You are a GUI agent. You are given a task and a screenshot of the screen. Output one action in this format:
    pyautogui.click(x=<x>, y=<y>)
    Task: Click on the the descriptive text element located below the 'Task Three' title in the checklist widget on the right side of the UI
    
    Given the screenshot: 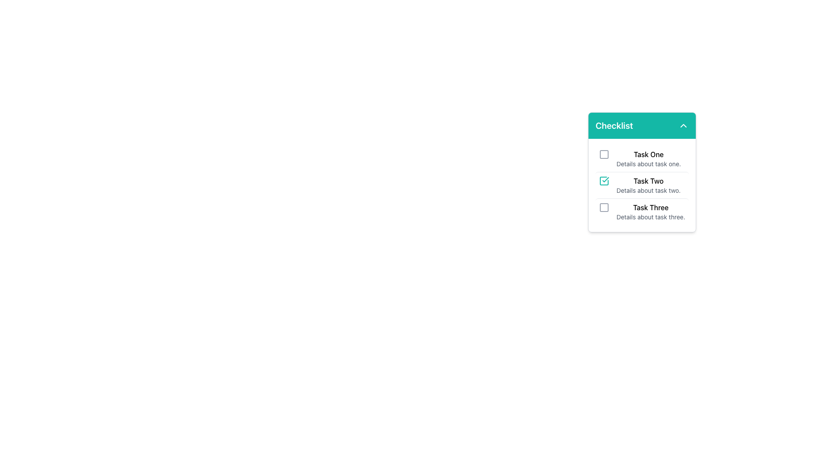 What is the action you would take?
    pyautogui.click(x=650, y=216)
    